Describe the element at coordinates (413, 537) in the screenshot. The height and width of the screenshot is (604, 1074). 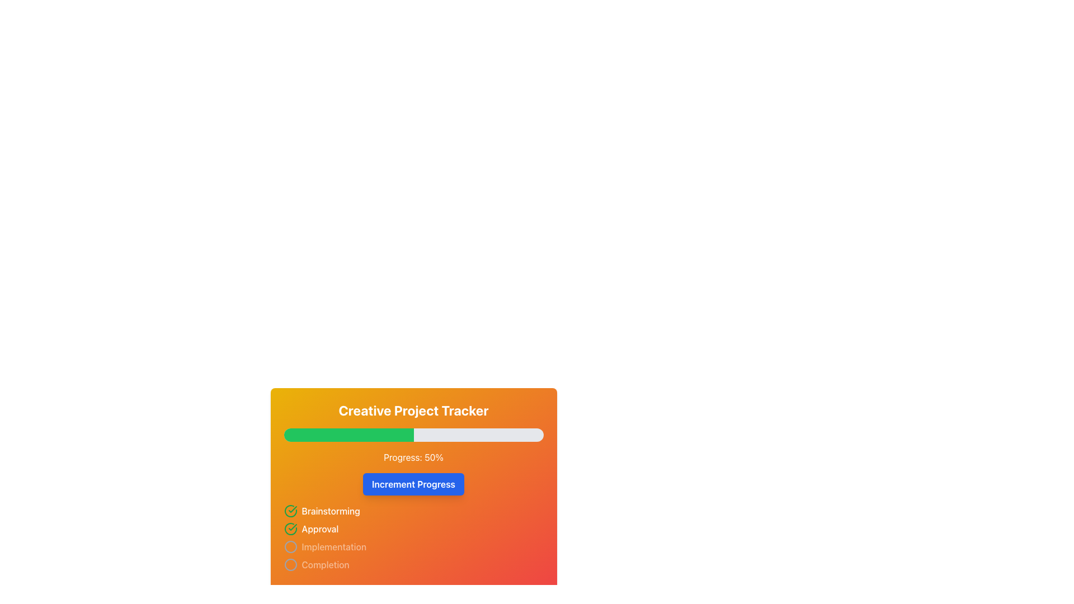
I see `the Progress tracker stage item to mark it as active or completed, located in the bottom section of the 'Creative Project Tracker' module, beneath the progress bar and button` at that location.